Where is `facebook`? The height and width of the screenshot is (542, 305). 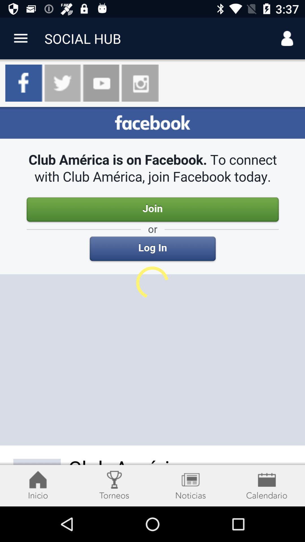 facebook is located at coordinates (152, 306).